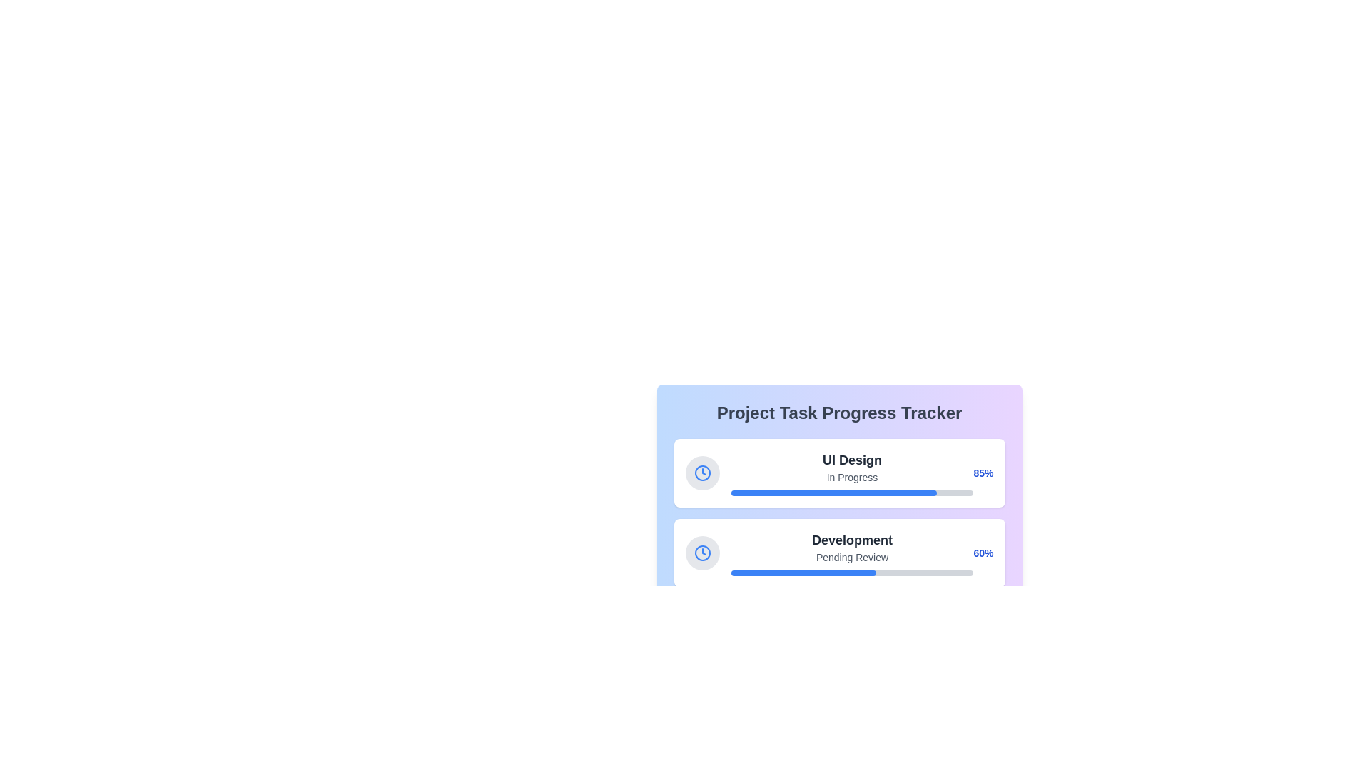 The image size is (1370, 771). I want to click on the SVG-based time icon located to the left of the 'Development' text, which is centrally aligned within a circular gray background, so click(702, 473).